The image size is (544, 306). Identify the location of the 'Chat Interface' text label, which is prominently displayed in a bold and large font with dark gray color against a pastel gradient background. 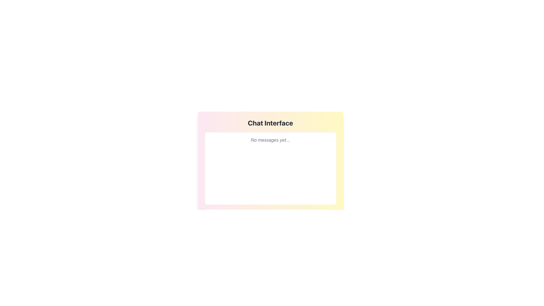
(270, 123).